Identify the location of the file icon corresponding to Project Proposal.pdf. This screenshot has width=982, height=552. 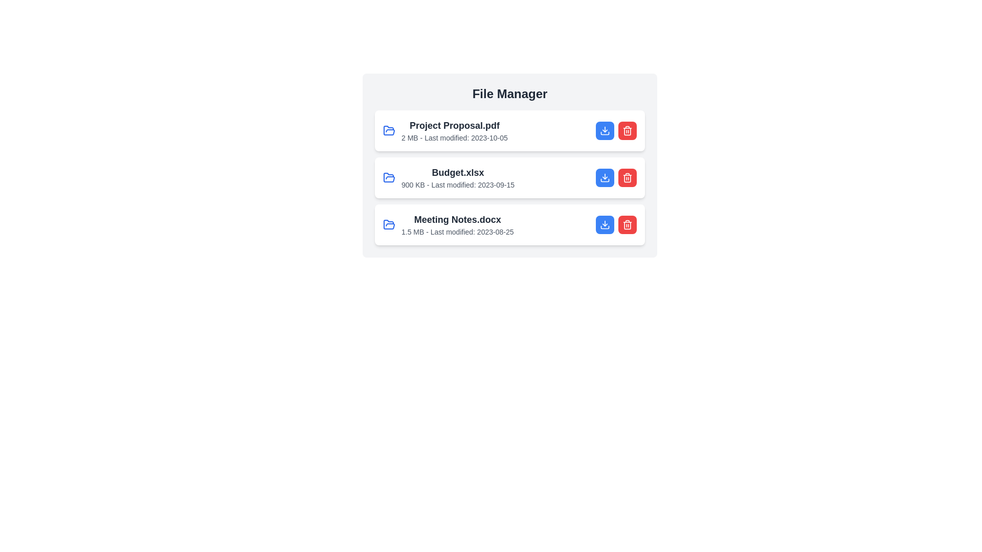
(389, 130).